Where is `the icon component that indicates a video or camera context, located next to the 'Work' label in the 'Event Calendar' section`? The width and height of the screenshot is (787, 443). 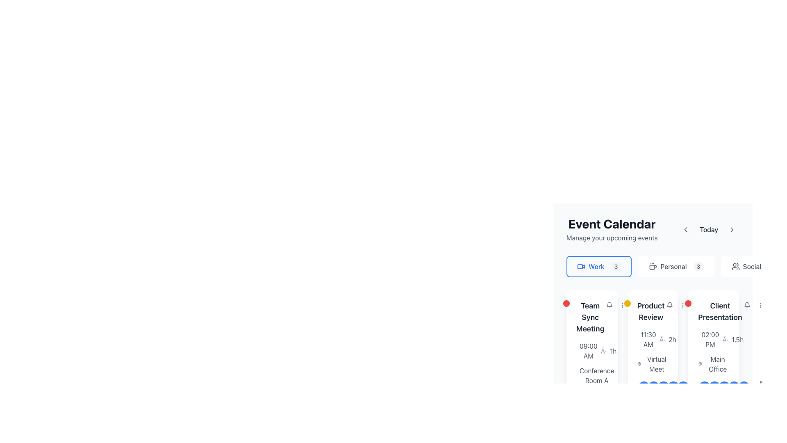
the icon component that indicates a video or camera context, located next to the 'Work' label in the 'Event Calendar' section is located at coordinates (580, 267).